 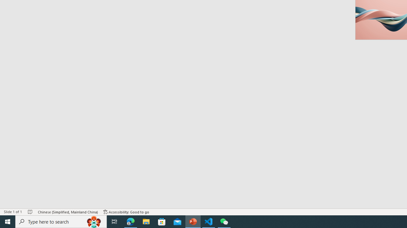 What do you see at coordinates (126, 212) in the screenshot?
I see `'Accessibility Checker Accessibility: Good to go'` at bounding box center [126, 212].